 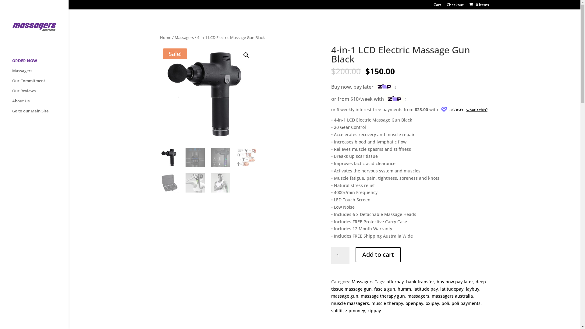 What do you see at coordinates (466, 303) in the screenshot?
I see `'poli payments'` at bounding box center [466, 303].